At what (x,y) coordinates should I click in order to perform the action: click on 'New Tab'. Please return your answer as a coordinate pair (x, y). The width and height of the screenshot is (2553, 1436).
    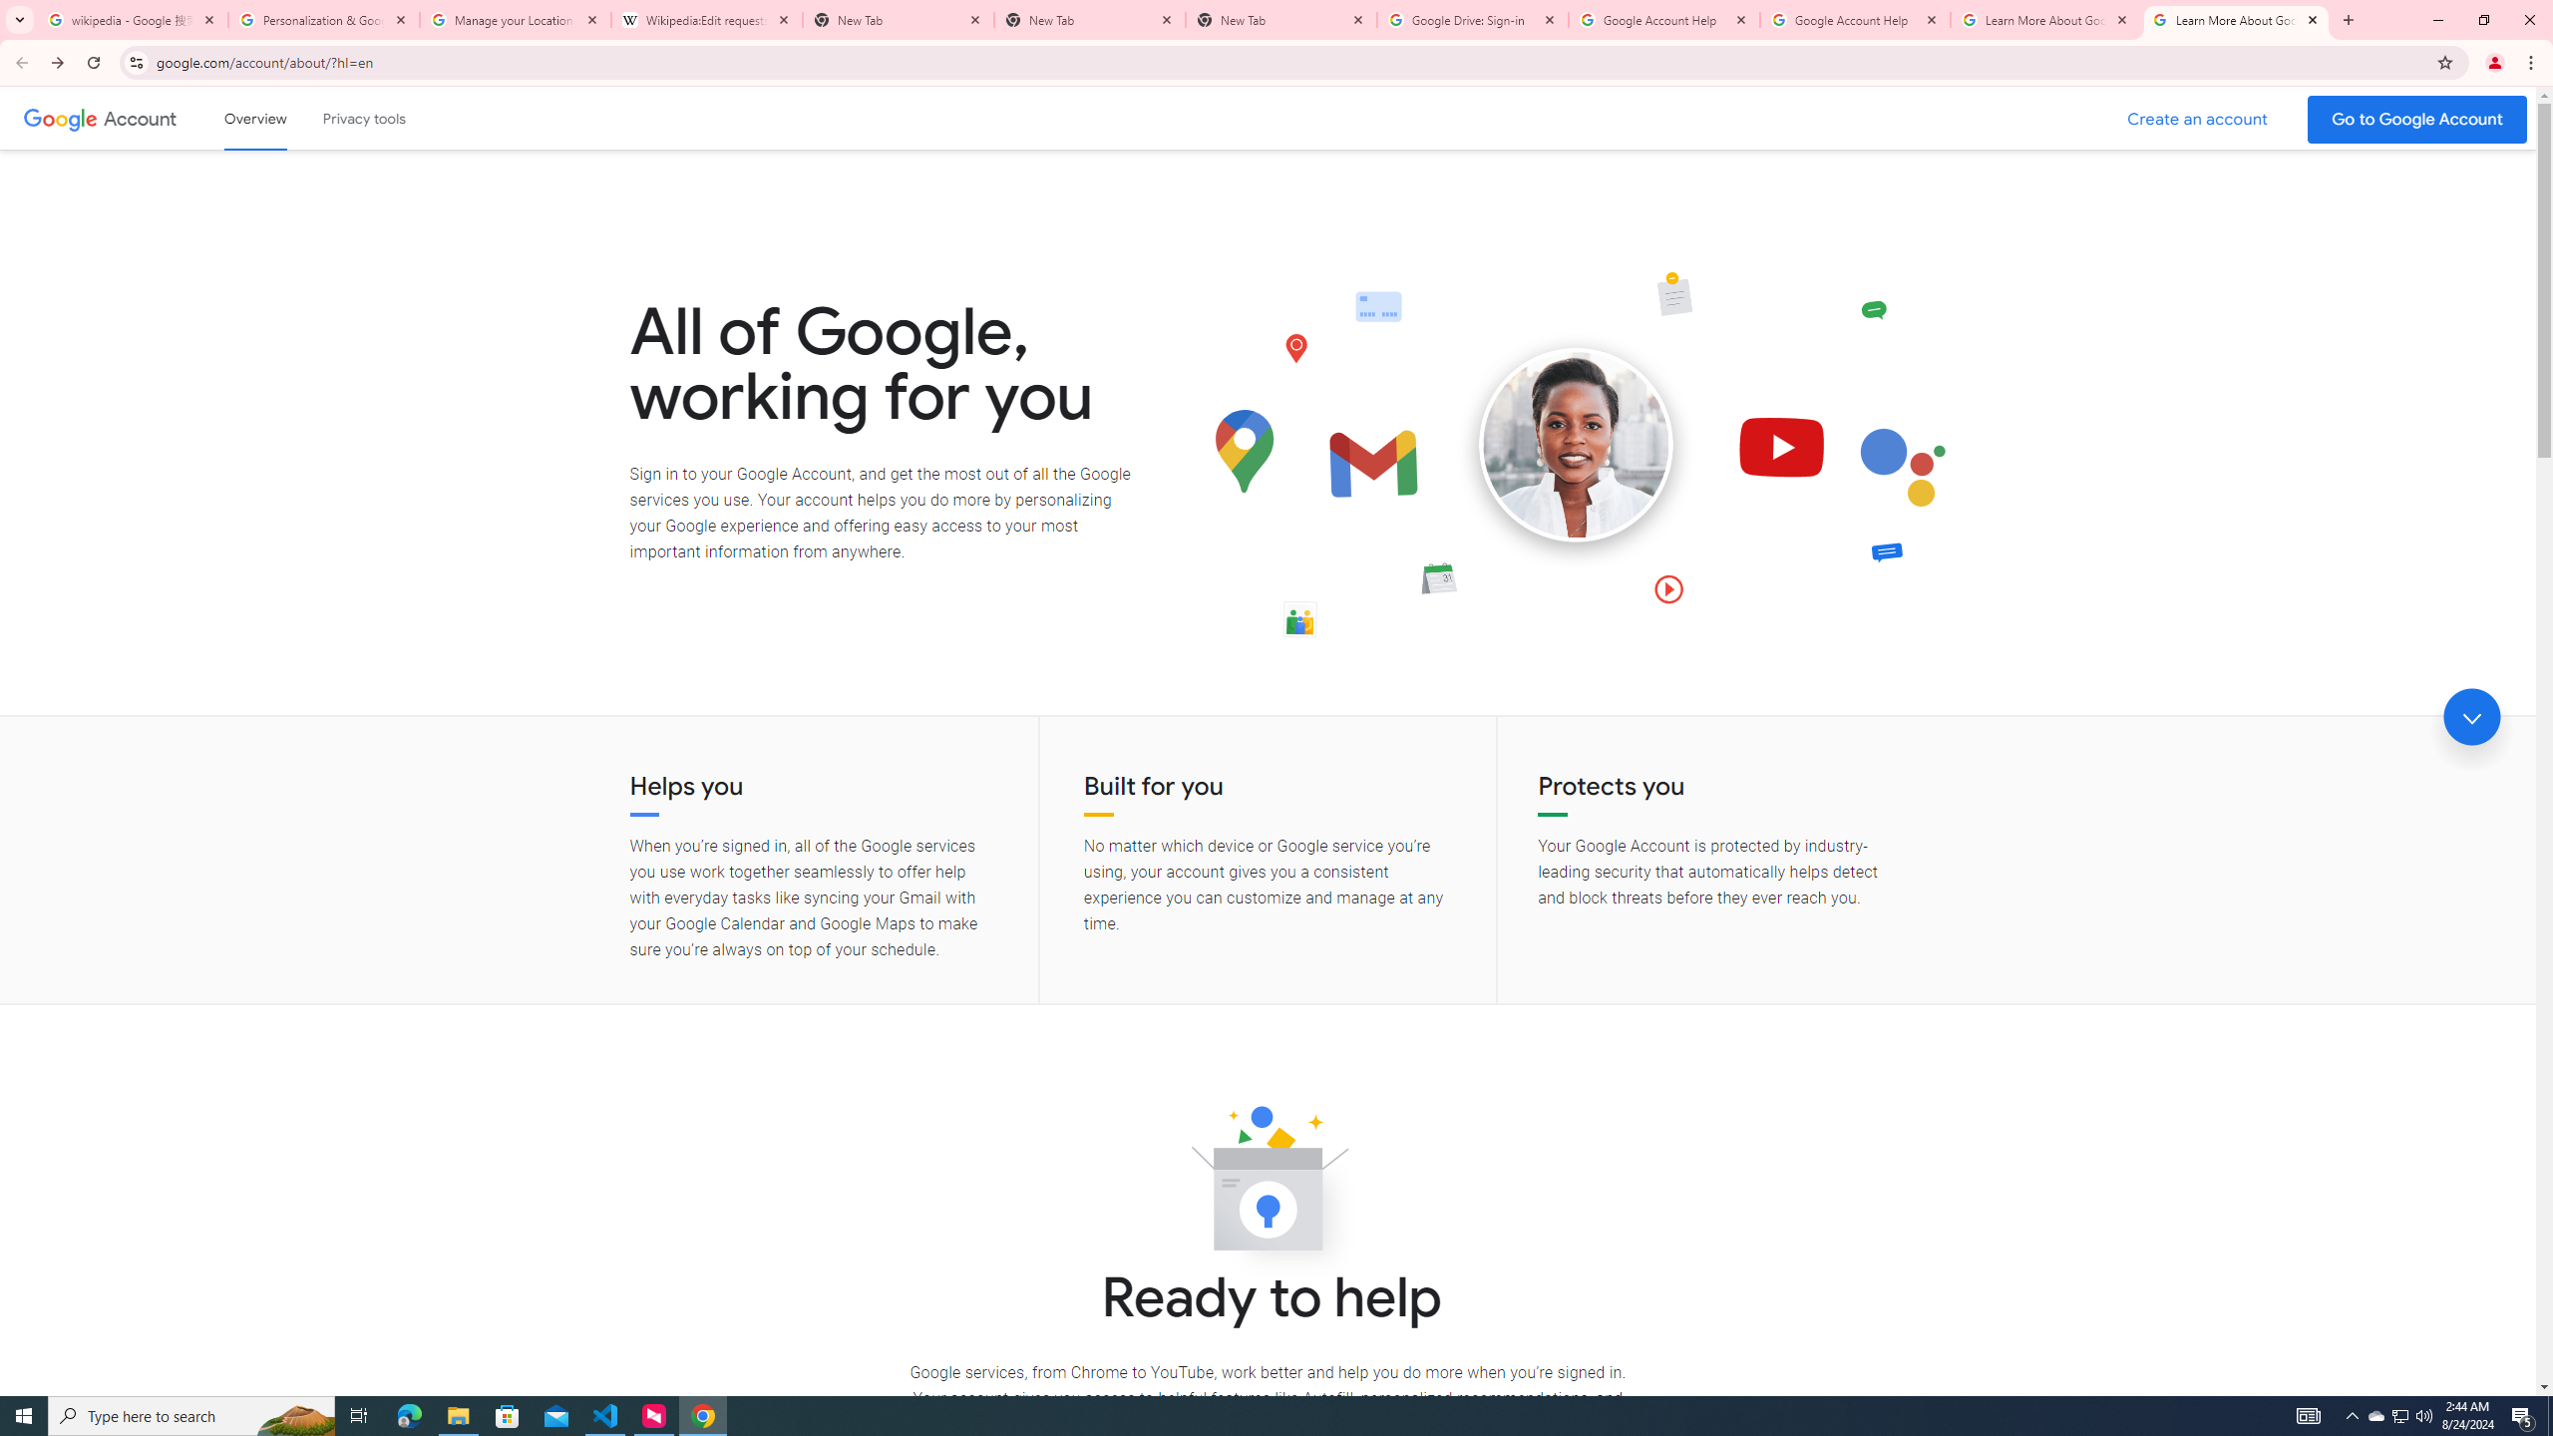
    Looking at the image, I should click on (1280, 19).